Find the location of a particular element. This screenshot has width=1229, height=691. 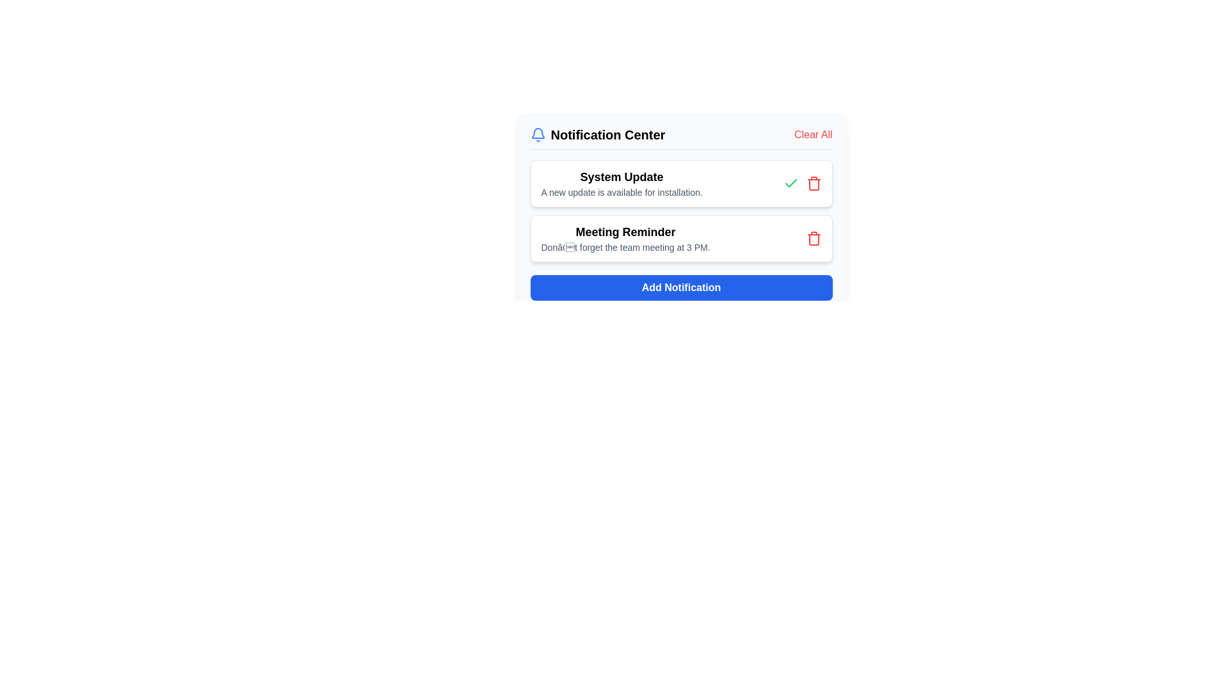

the text label stating 'A new update is available for installation.' which is located within the notification card beneath the title 'System Update' is located at coordinates (622, 192).